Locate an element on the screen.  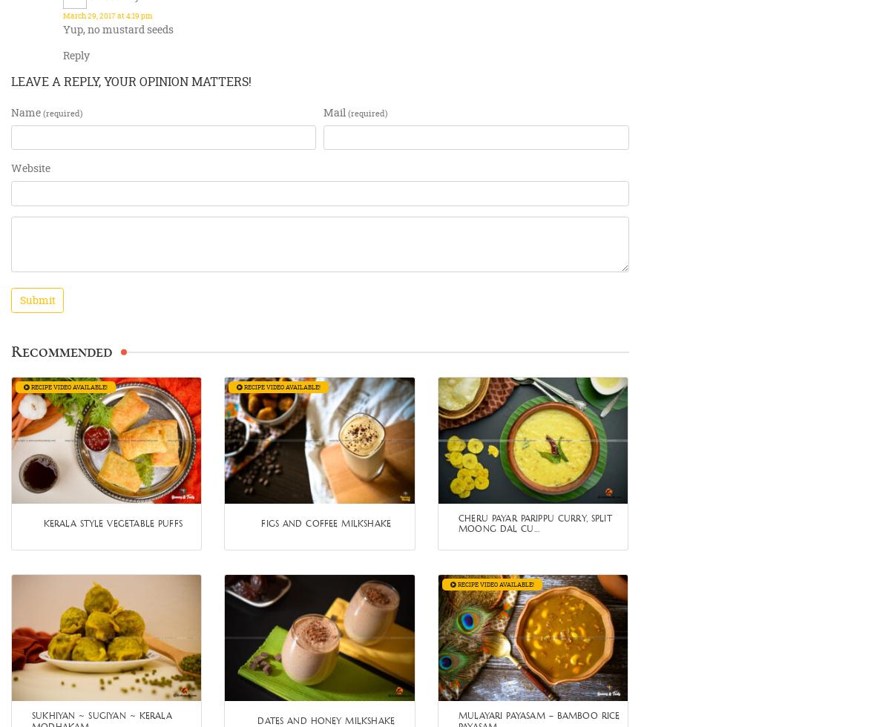
'Kerala style Vegetable Puffs' is located at coordinates (111, 523).